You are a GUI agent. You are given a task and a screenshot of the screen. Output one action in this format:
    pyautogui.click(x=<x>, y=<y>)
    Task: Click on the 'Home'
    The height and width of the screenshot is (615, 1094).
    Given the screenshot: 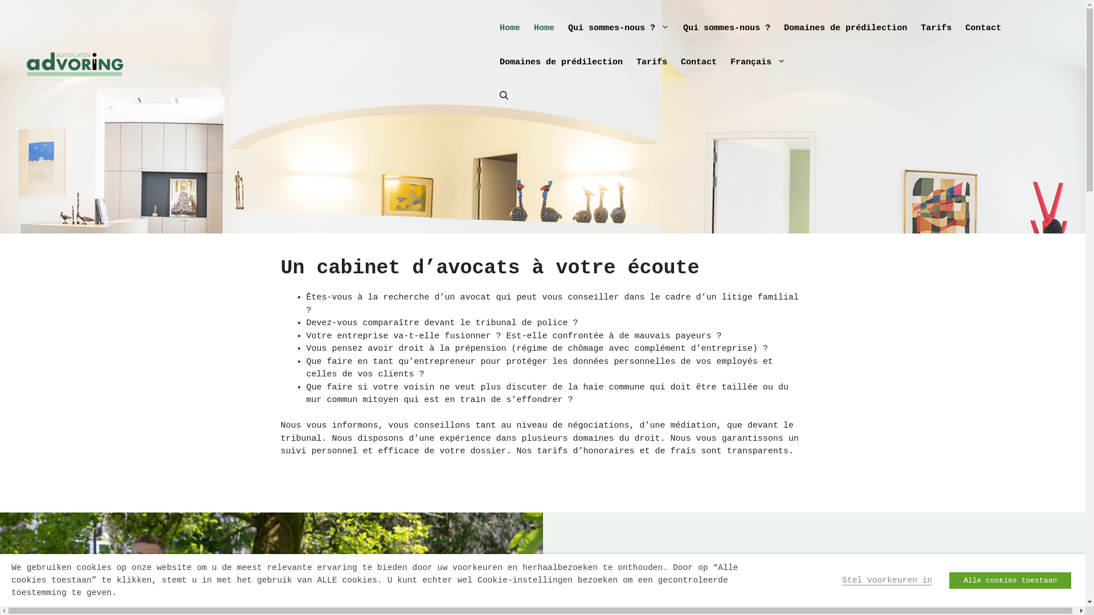 What is the action you would take?
    pyautogui.click(x=544, y=28)
    